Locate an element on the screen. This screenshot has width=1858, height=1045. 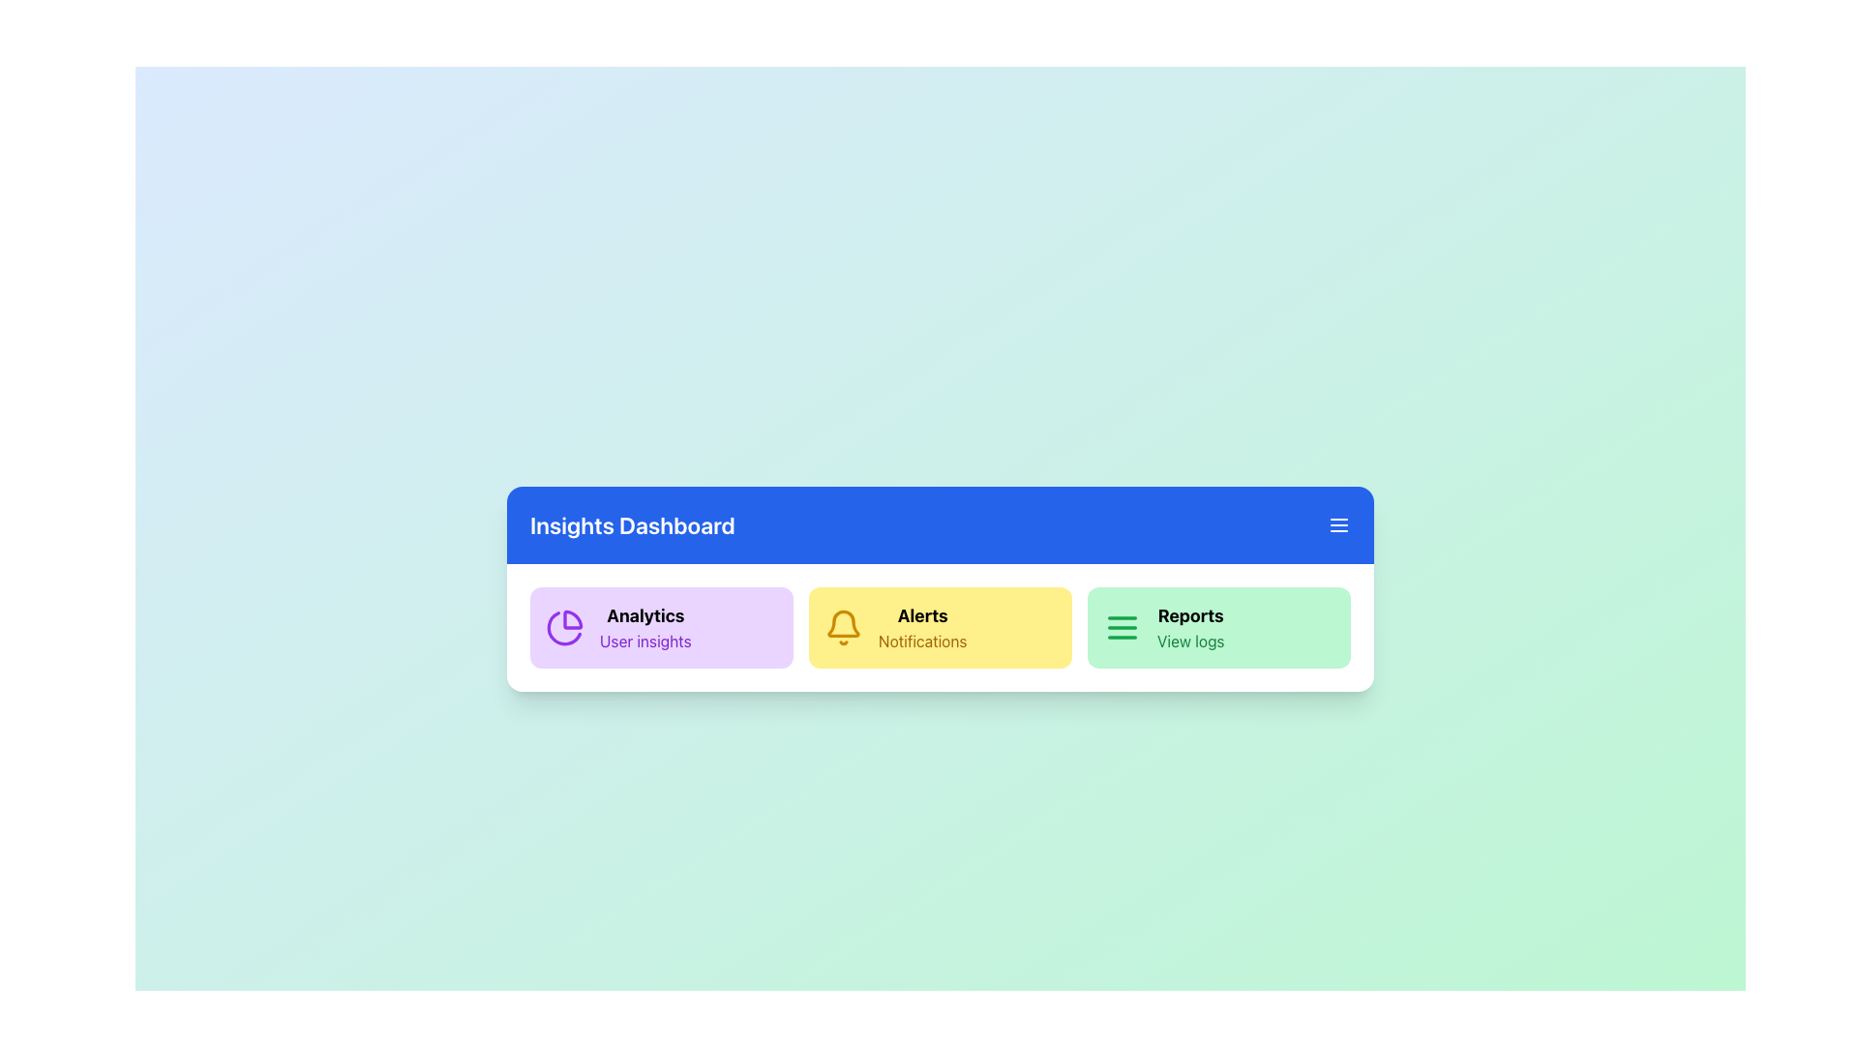
the purple pie chart icon located within the 'Analytics' card is located at coordinates (564, 627).